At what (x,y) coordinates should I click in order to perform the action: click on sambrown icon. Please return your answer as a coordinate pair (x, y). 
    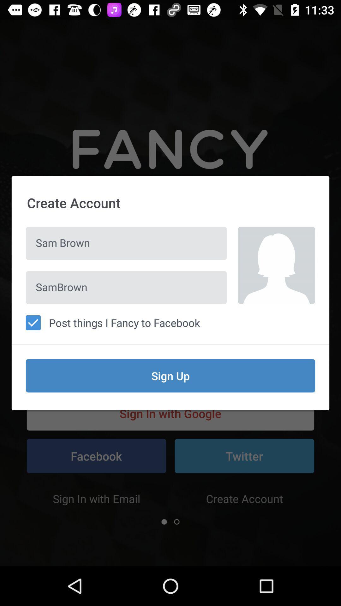
    Looking at the image, I should click on (126, 287).